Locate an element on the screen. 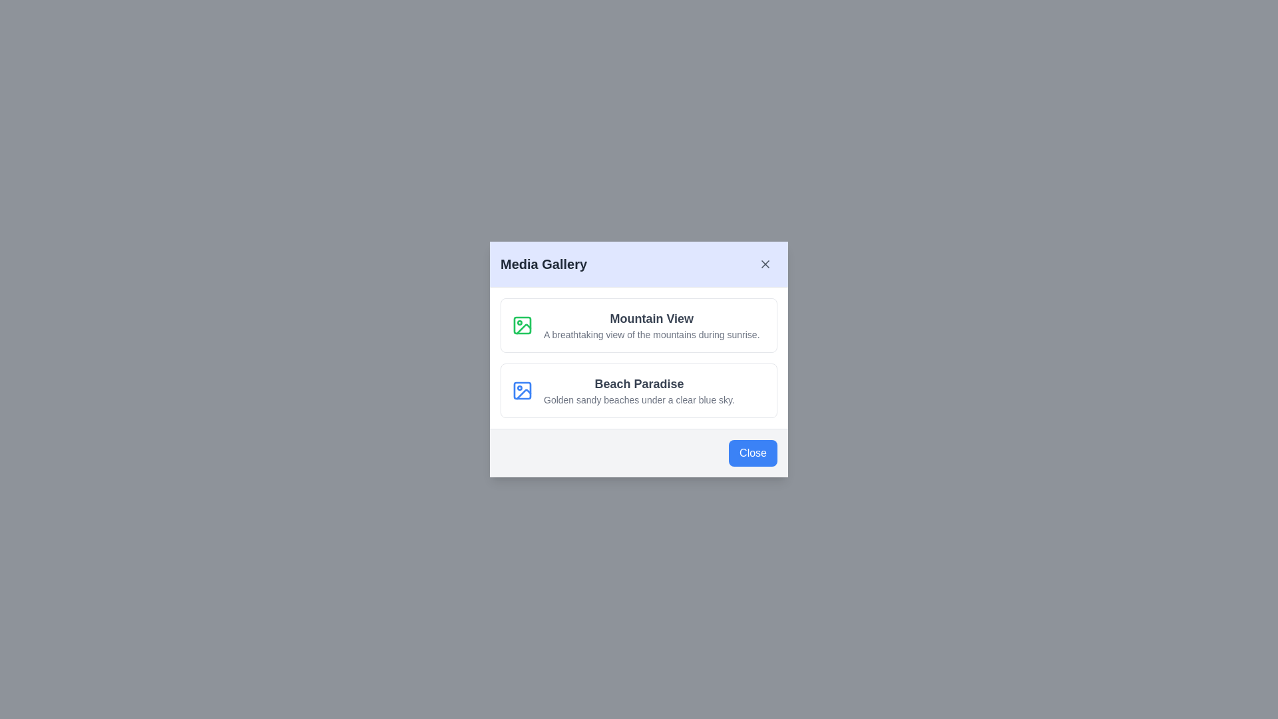 Image resolution: width=1278 pixels, height=719 pixels. the close button to close the dialog is located at coordinates (765, 264).